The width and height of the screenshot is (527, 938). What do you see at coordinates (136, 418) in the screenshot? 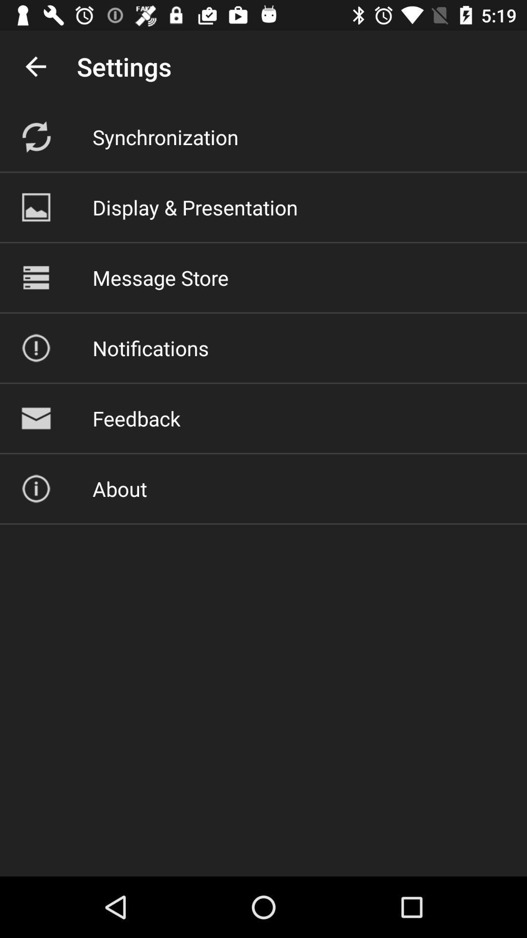
I see `the feedback item` at bounding box center [136, 418].